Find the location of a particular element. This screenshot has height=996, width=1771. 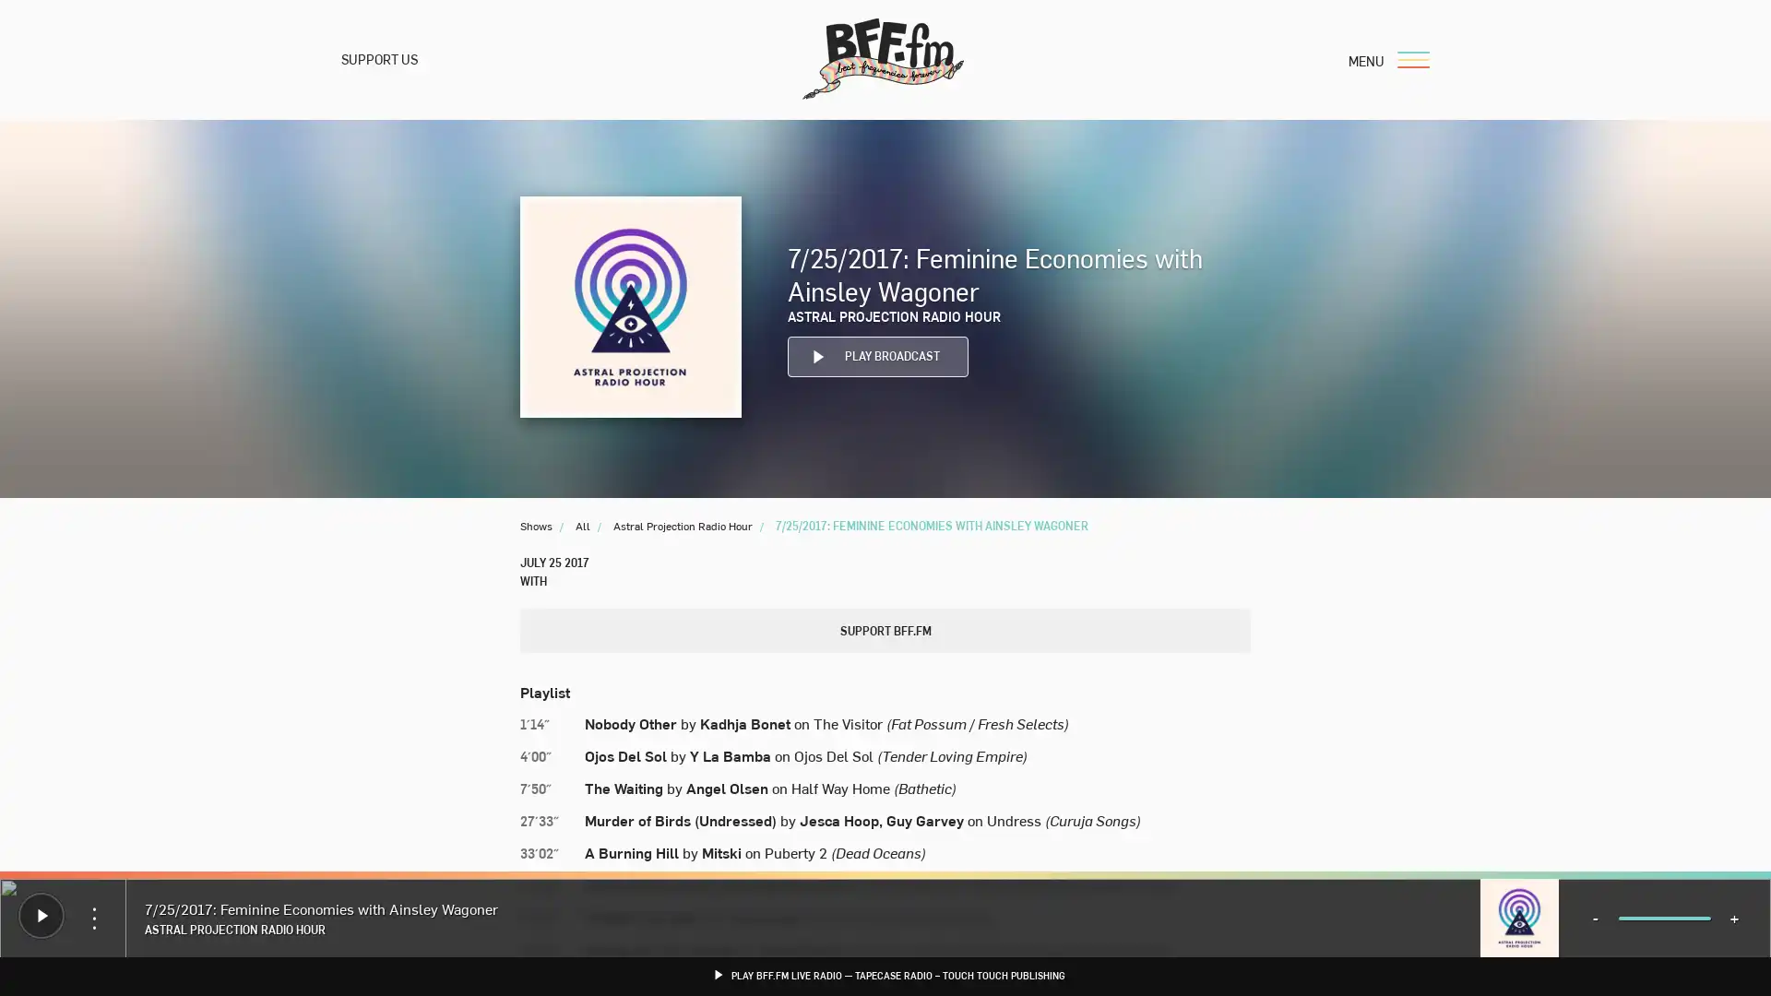

Donate is located at coordinates (60, 909).